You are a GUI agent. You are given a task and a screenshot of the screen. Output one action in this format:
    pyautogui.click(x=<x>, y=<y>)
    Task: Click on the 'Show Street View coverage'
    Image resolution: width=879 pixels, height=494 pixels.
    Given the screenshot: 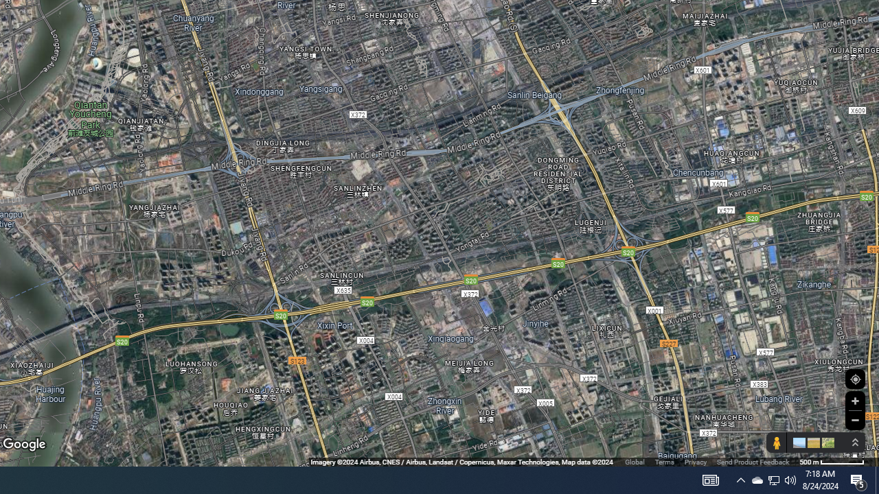 What is the action you would take?
    pyautogui.click(x=776, y=443)
    